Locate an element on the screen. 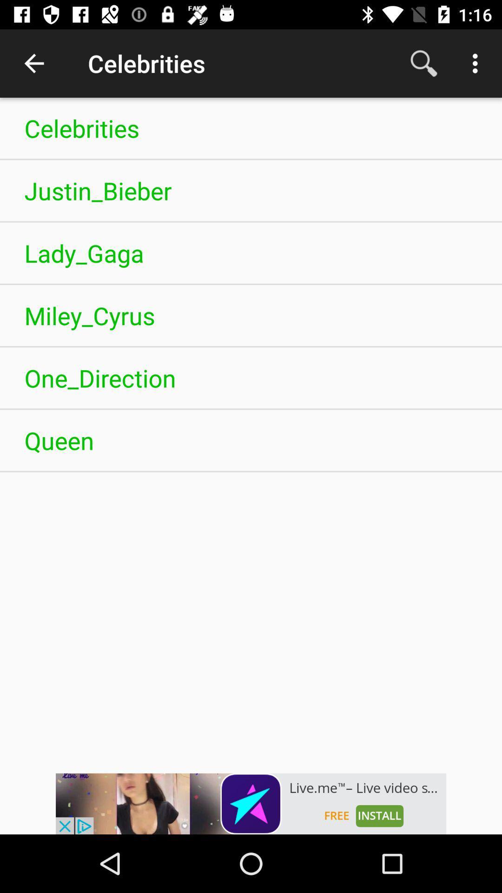 This screenshot has height=893, width=502. advertisement is located at coordinates (251, 803).